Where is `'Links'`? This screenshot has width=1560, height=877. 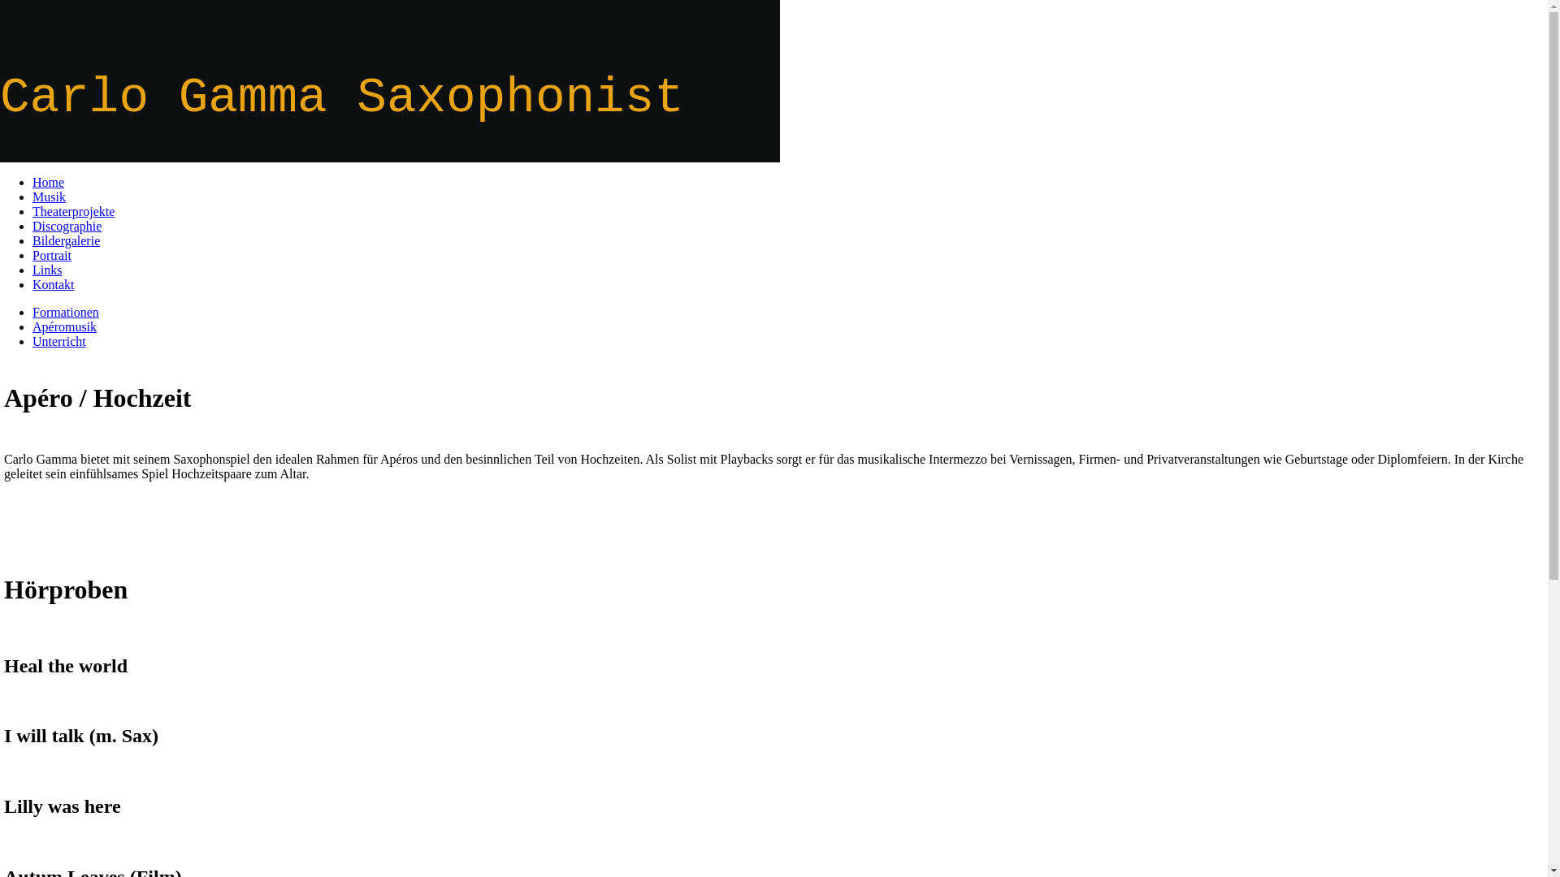 'Links' is located at coordinates (46, 269).